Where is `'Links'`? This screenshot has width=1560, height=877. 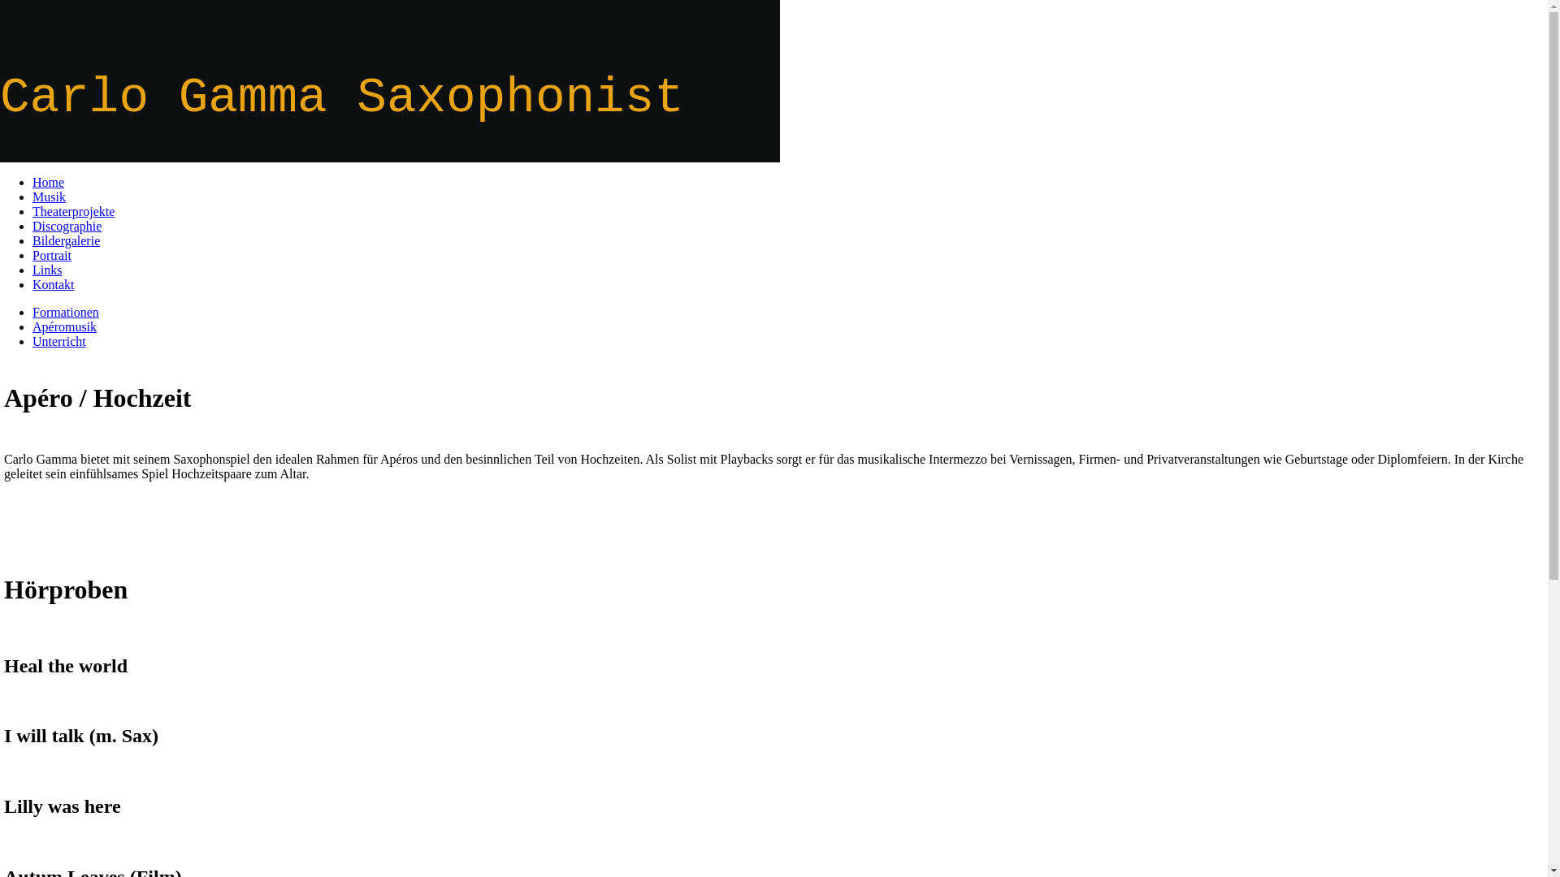 'Links' is located at coordinates (46, 269).